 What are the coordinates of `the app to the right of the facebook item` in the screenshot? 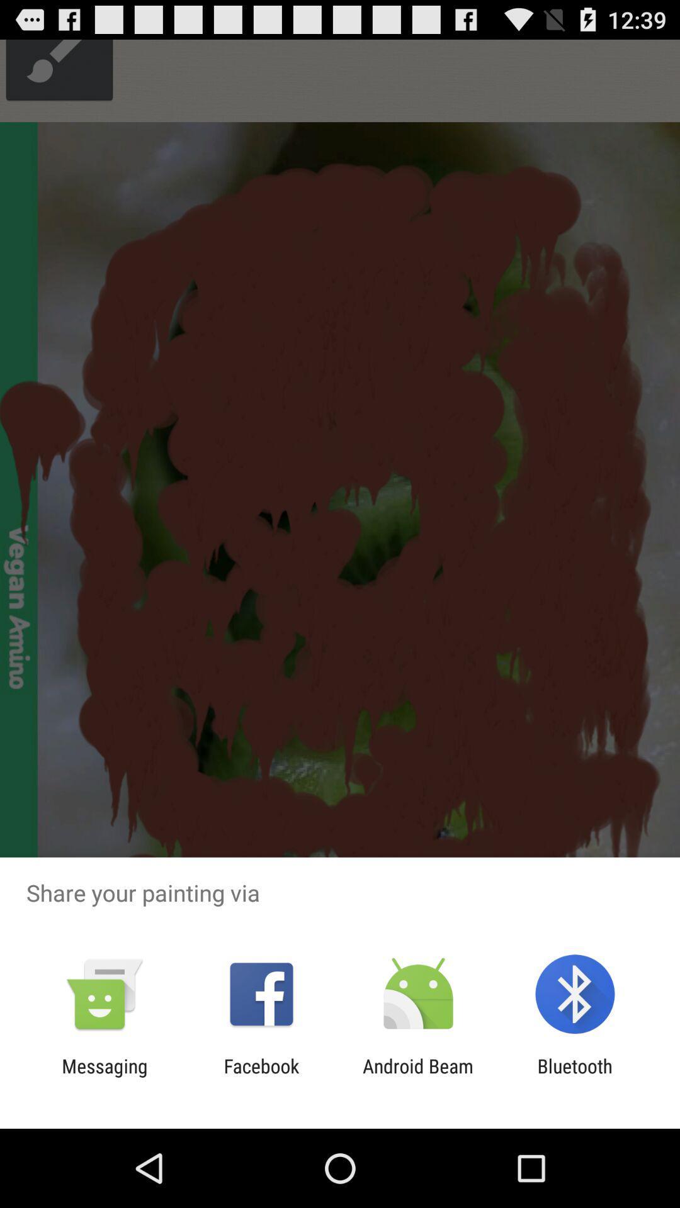 It's located at (418, 1077).